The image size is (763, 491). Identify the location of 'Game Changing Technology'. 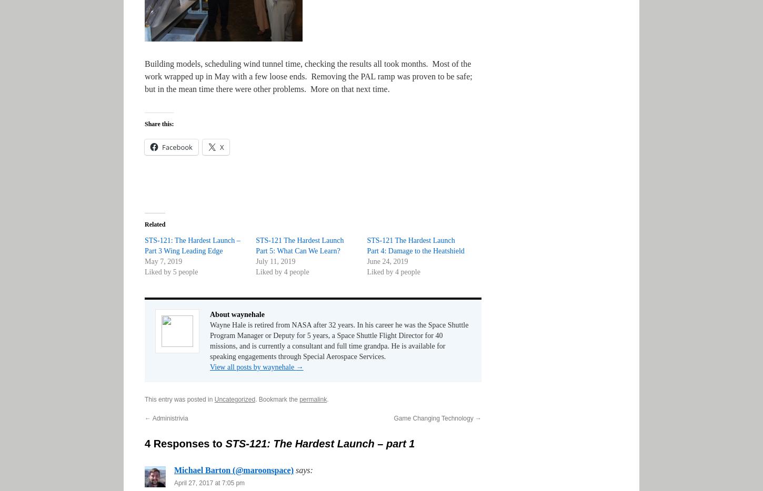
(434, 418).